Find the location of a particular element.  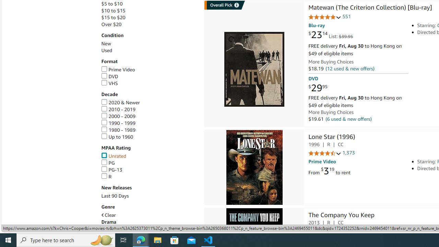

'Clear' is located at coordinates (108, 215).